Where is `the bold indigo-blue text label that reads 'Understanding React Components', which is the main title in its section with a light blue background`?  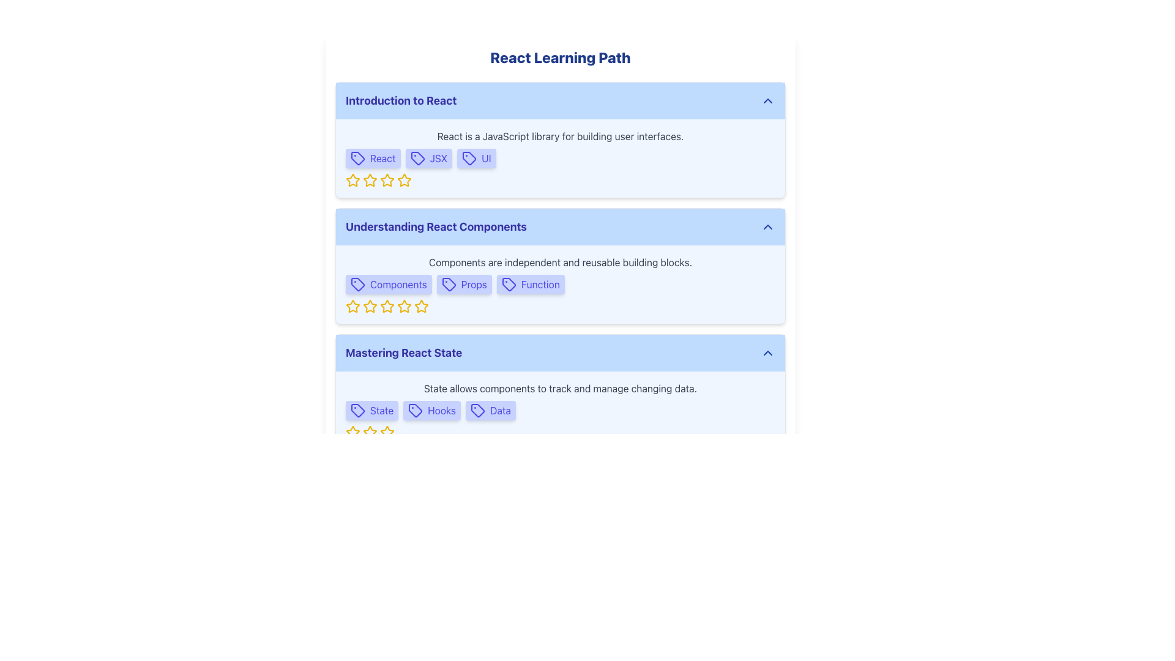 the bold indigo-blue text label that reads 'Understanding React Components', which is the main title in its section with a light blue background is located at coordinates (436, 226).